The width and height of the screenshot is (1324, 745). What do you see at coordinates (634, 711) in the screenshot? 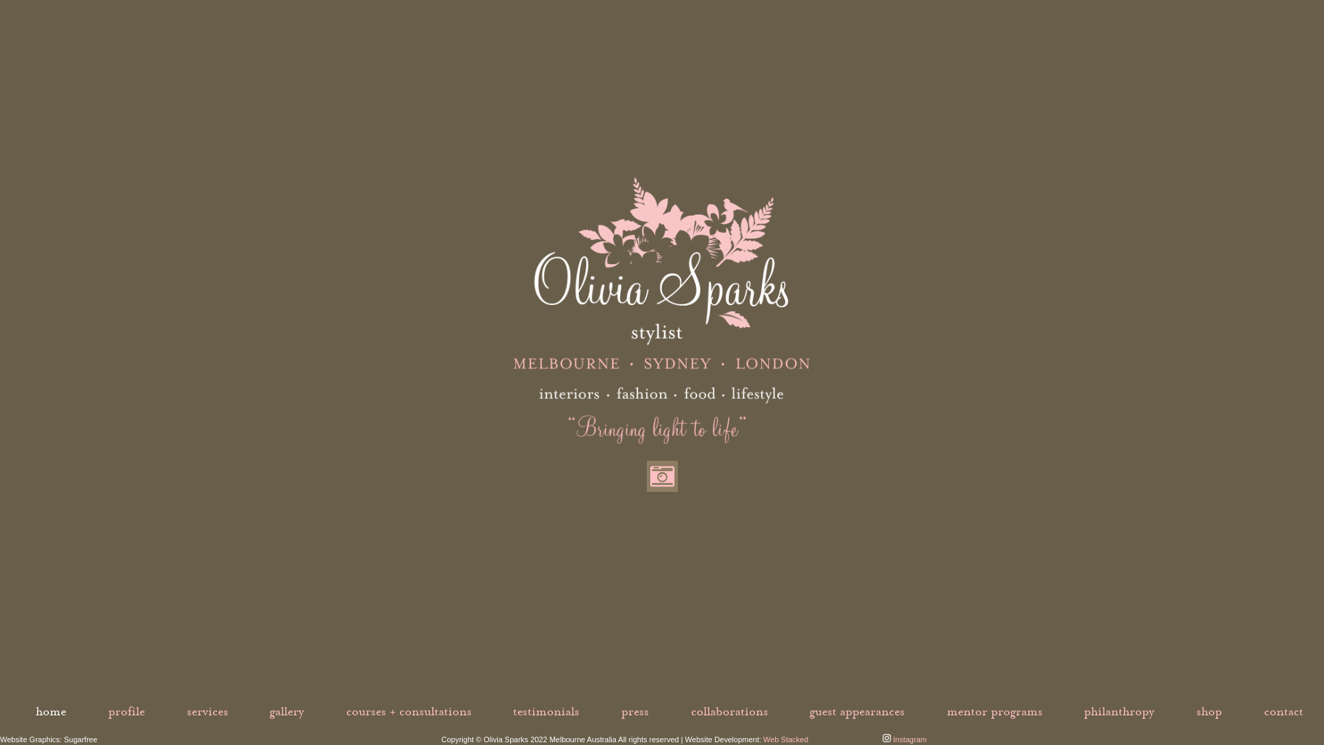
I see `'press'` at bounding box center [634, 711].